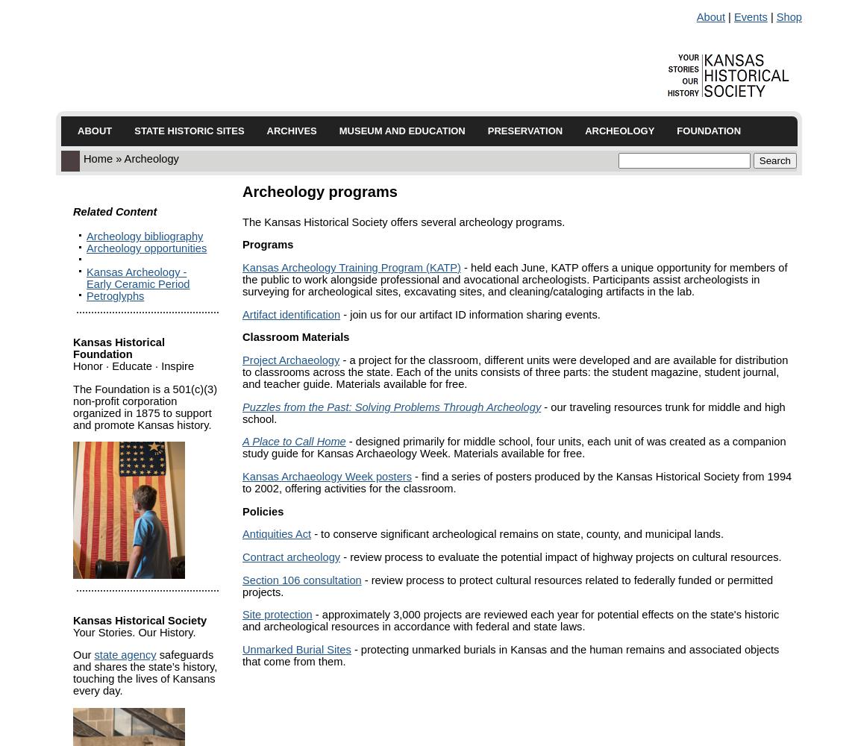 Image resolution: width=858 pixels, height=746 pixels. Describe the element at coordinates (242, 556) in the screenshot. I see `'Contract archeology'` at that location.